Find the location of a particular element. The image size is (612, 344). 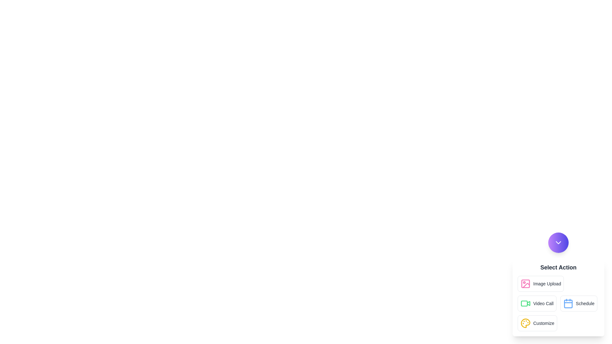

the 'Video Call' icon located on the right side of the 'Video Call' button in the modal, which is part of the 'Select Action' options is located at coordinates (526, 303).